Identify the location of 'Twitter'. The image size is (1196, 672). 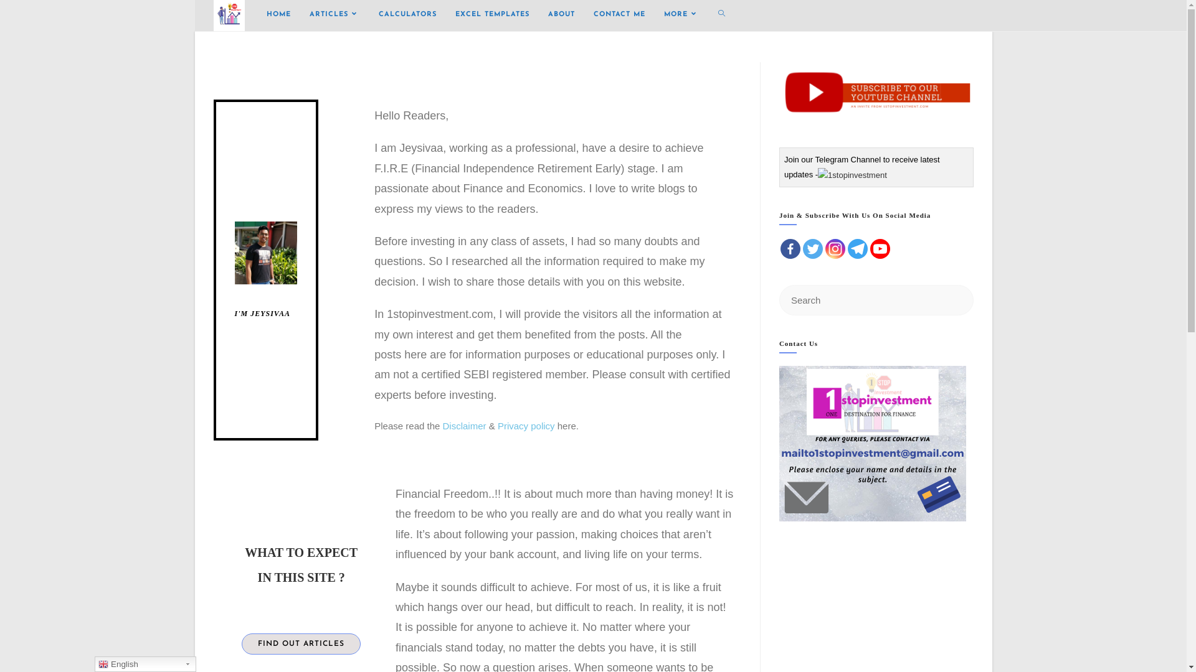
(813, 249).